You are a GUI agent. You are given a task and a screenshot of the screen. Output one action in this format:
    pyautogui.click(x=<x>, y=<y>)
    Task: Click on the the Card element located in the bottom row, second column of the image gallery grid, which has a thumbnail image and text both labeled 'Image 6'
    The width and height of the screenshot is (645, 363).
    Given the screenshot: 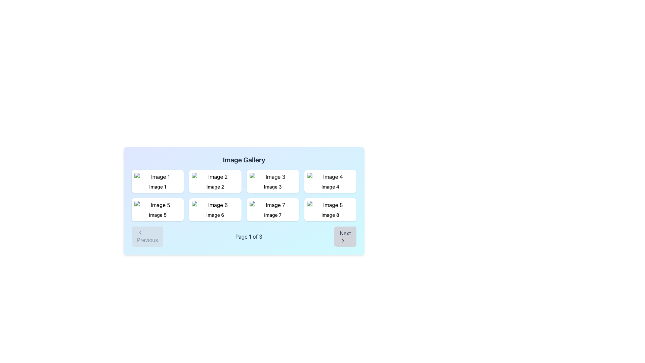 What is the action you would take?
    pyautogui.click(x=215, y=209)
    